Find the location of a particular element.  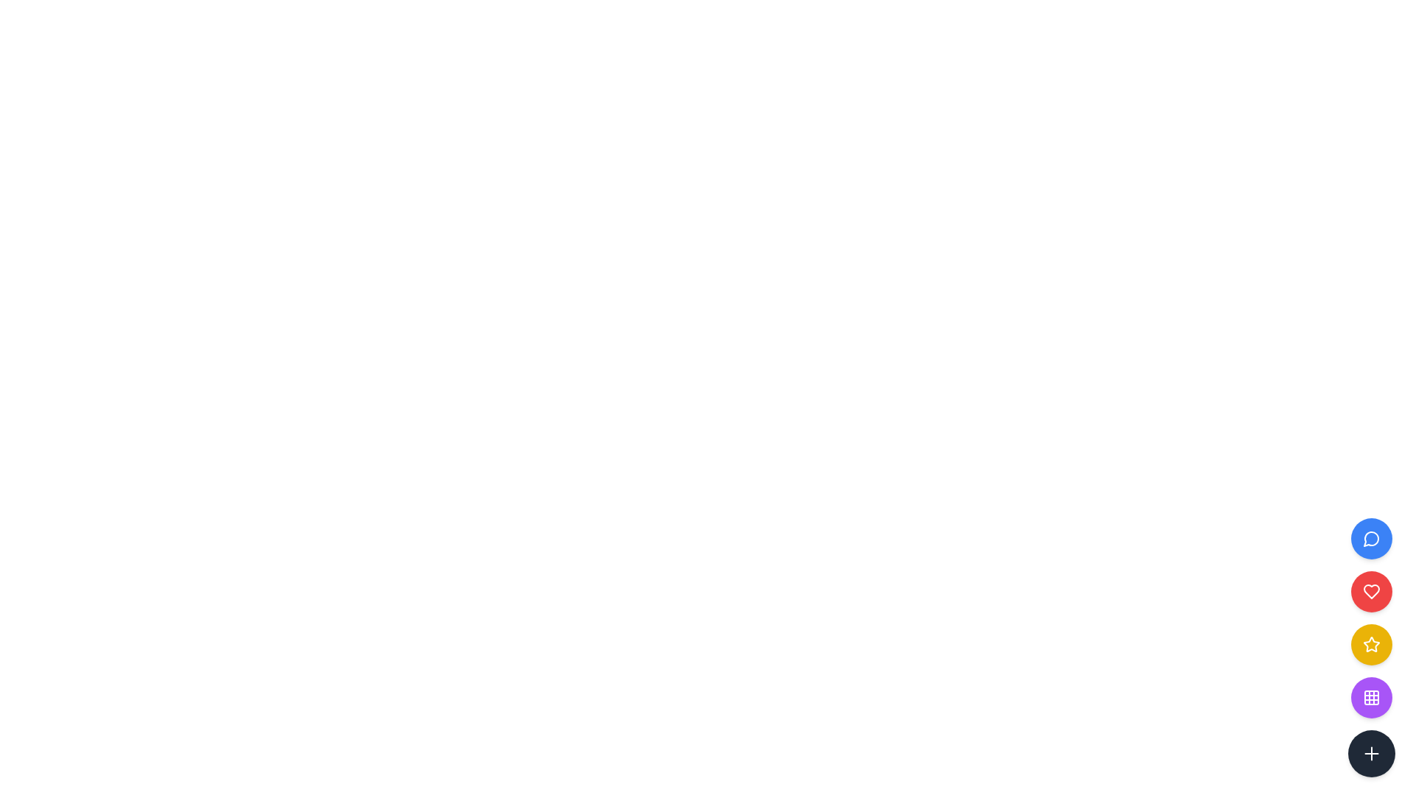

the third button in a vertical stack of five buttons, located between the red heart icon button above and the purple grid icon button below is located at coordinates (1370, 646).